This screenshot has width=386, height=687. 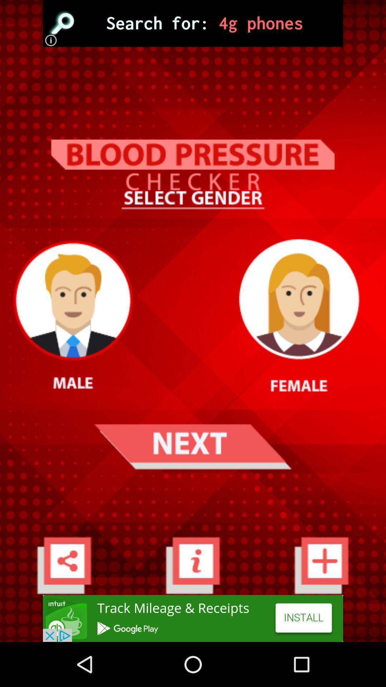 I want to click on for next, so click(x=192, y=446).